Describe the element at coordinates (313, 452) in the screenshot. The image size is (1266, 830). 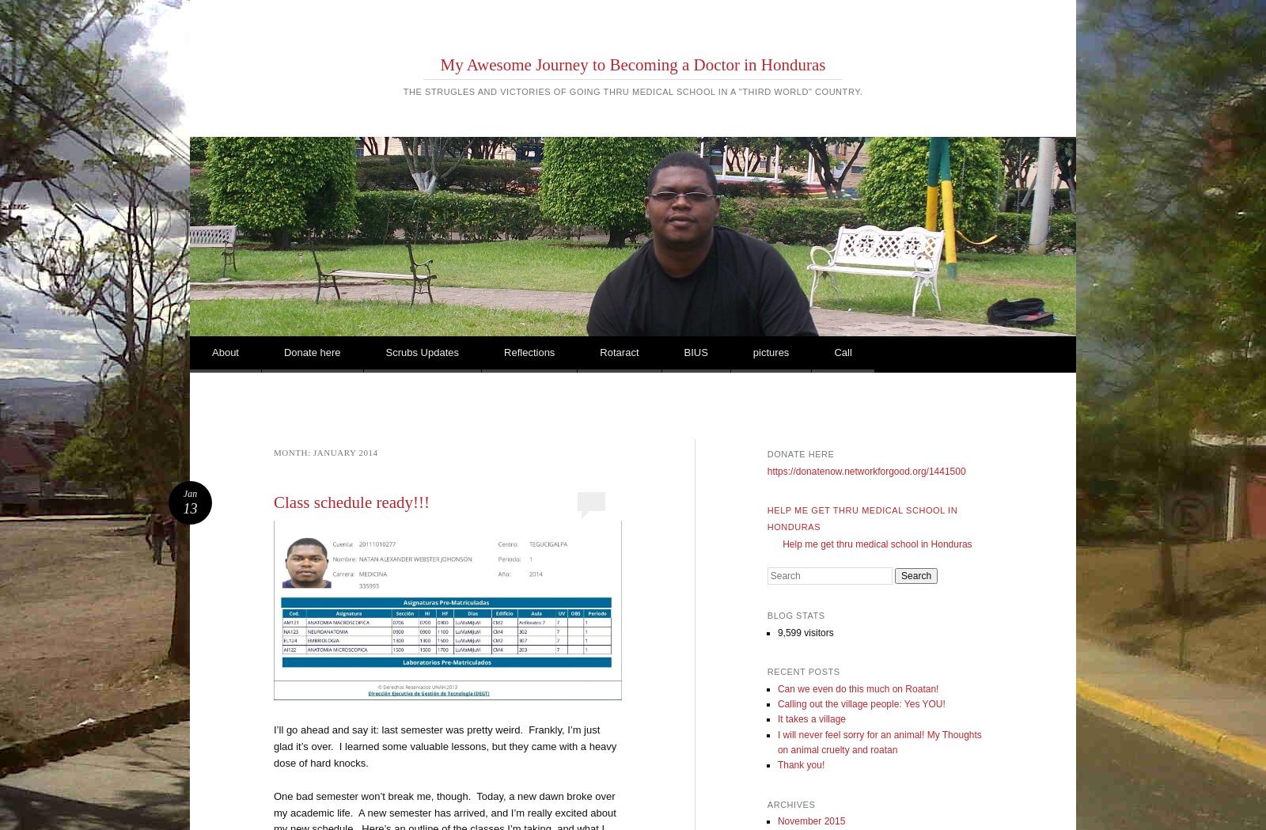
I see `'January 2014'` at that location.